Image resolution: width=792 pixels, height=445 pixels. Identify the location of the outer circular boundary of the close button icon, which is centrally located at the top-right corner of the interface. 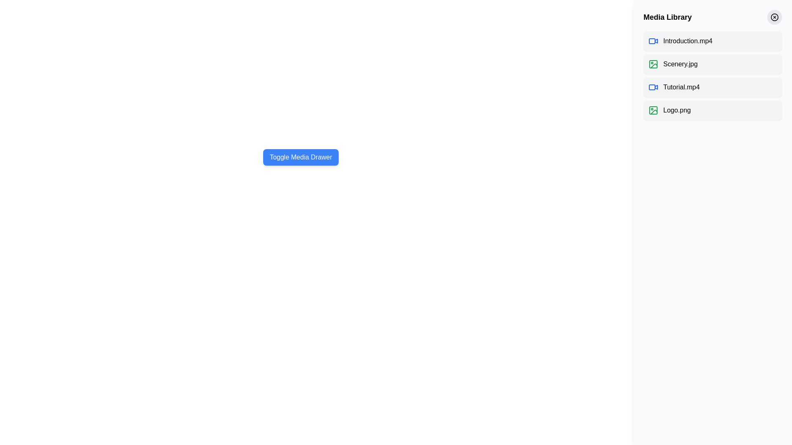
(774, 17).